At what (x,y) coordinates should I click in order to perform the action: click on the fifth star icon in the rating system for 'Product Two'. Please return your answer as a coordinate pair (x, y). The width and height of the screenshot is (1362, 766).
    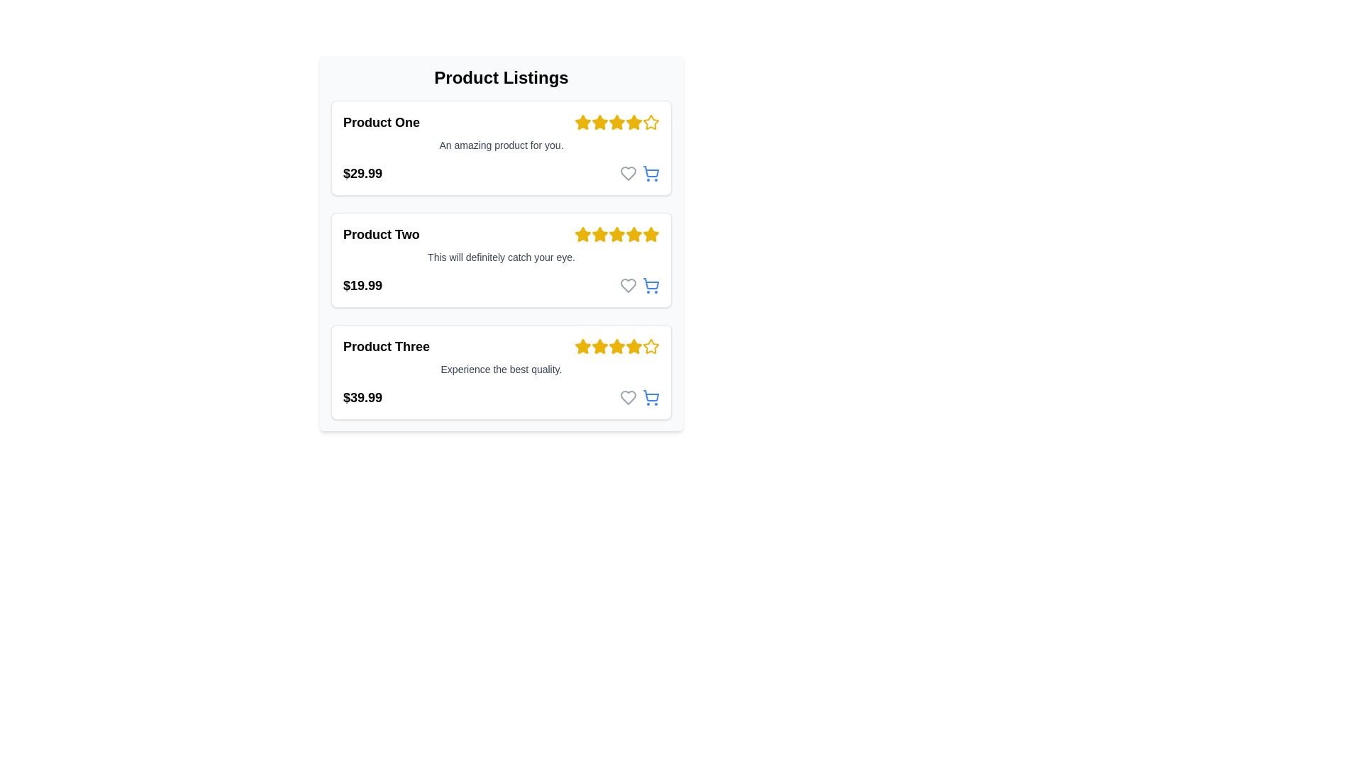
    Looking at the image, I should click on (650, 234).